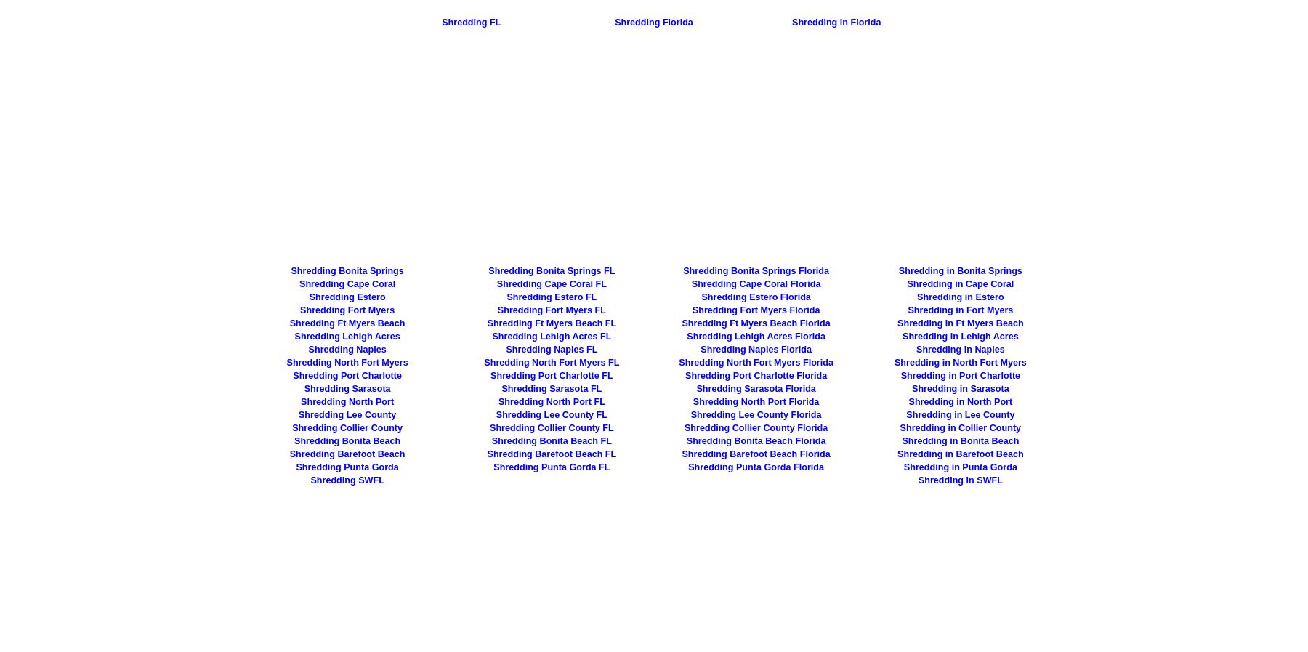  I want to click on 'Shredding in Lehigh Acres', so click(901, 337).